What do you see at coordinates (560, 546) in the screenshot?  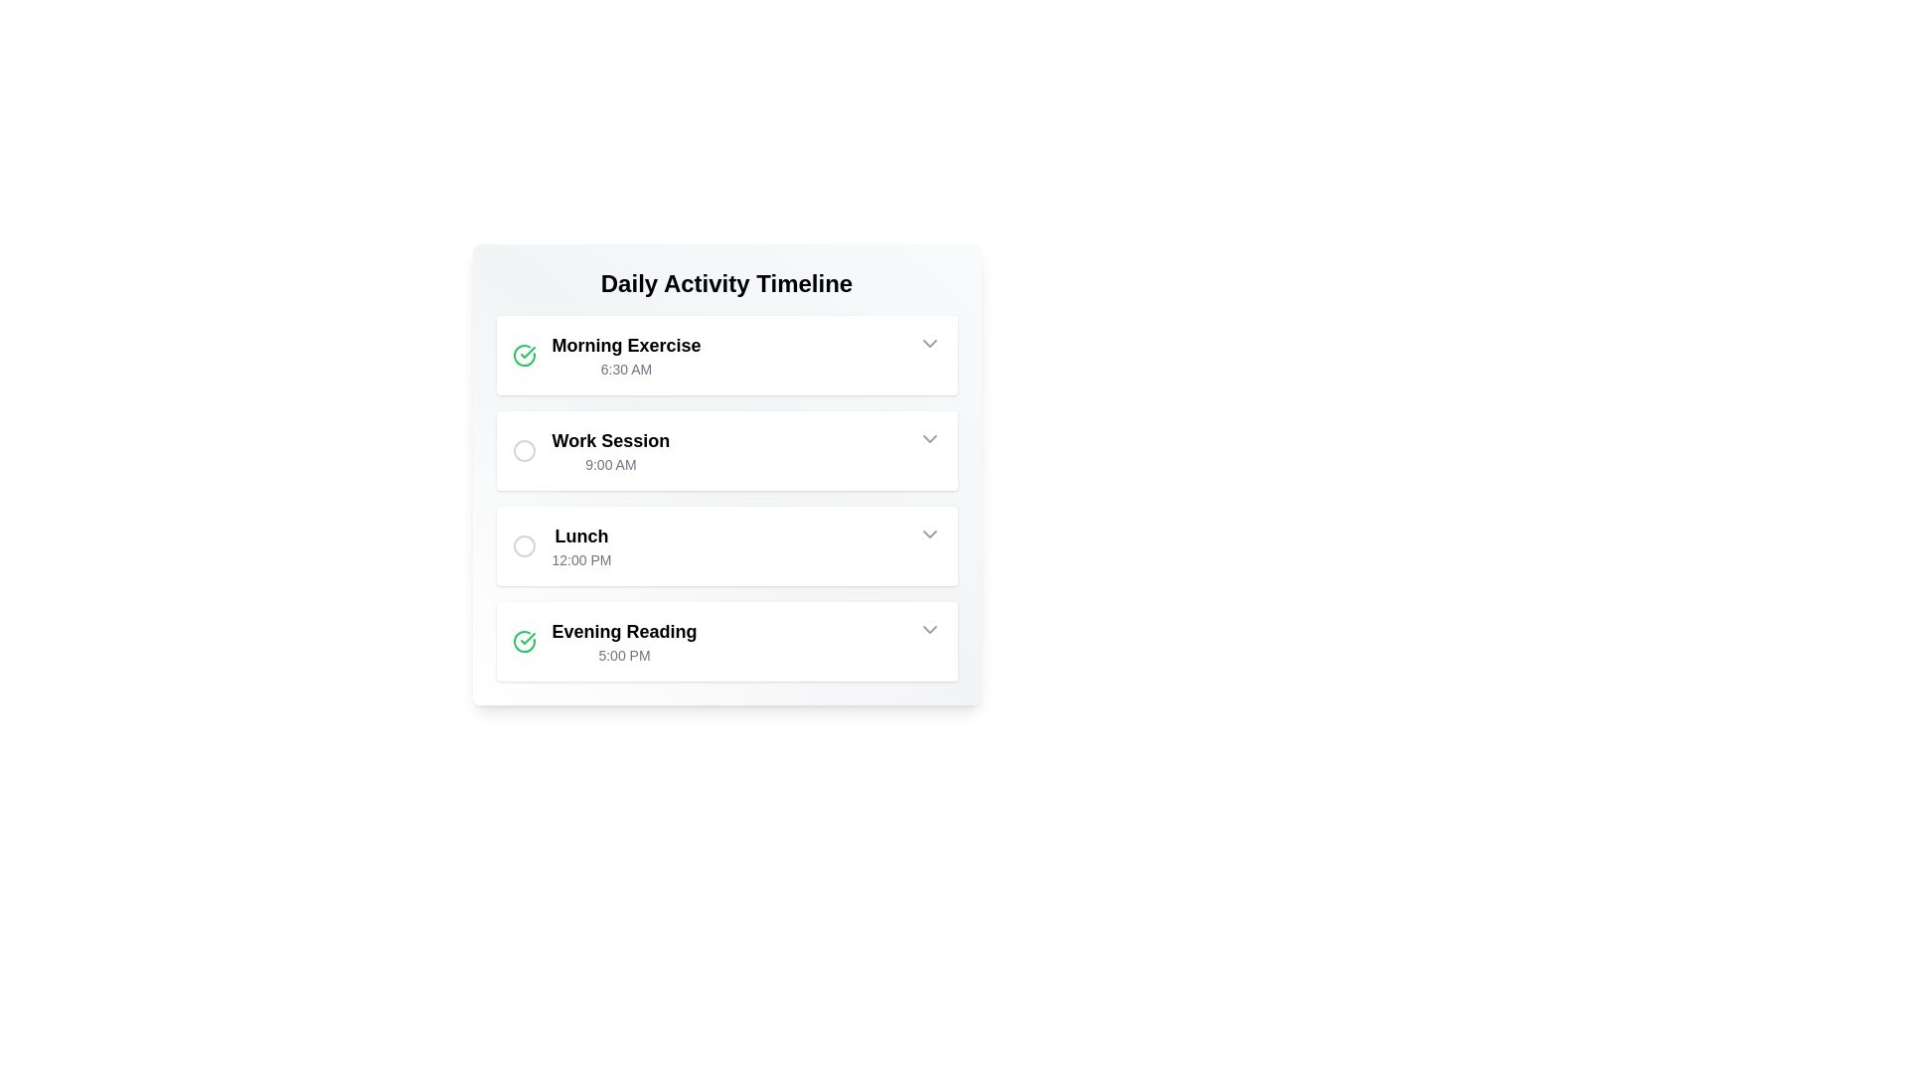 I see `the text label displaying 'Lunch' with the smaller gray text '12:00 PM', which is aligned to the right of a circular gray hollow icon, located in the third item of the Daily Activity Timeline list` at bounding box center [560, 546].